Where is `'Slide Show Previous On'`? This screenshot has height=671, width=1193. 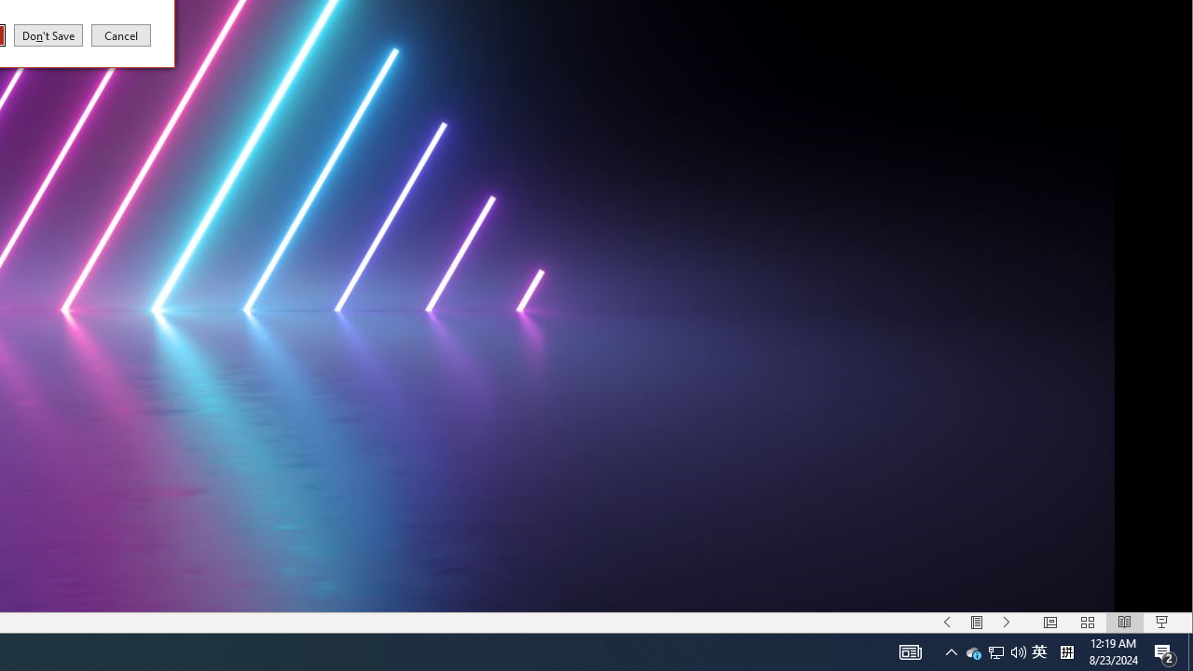 'Slide Show Previous On' is located at coordinates (976, 623).